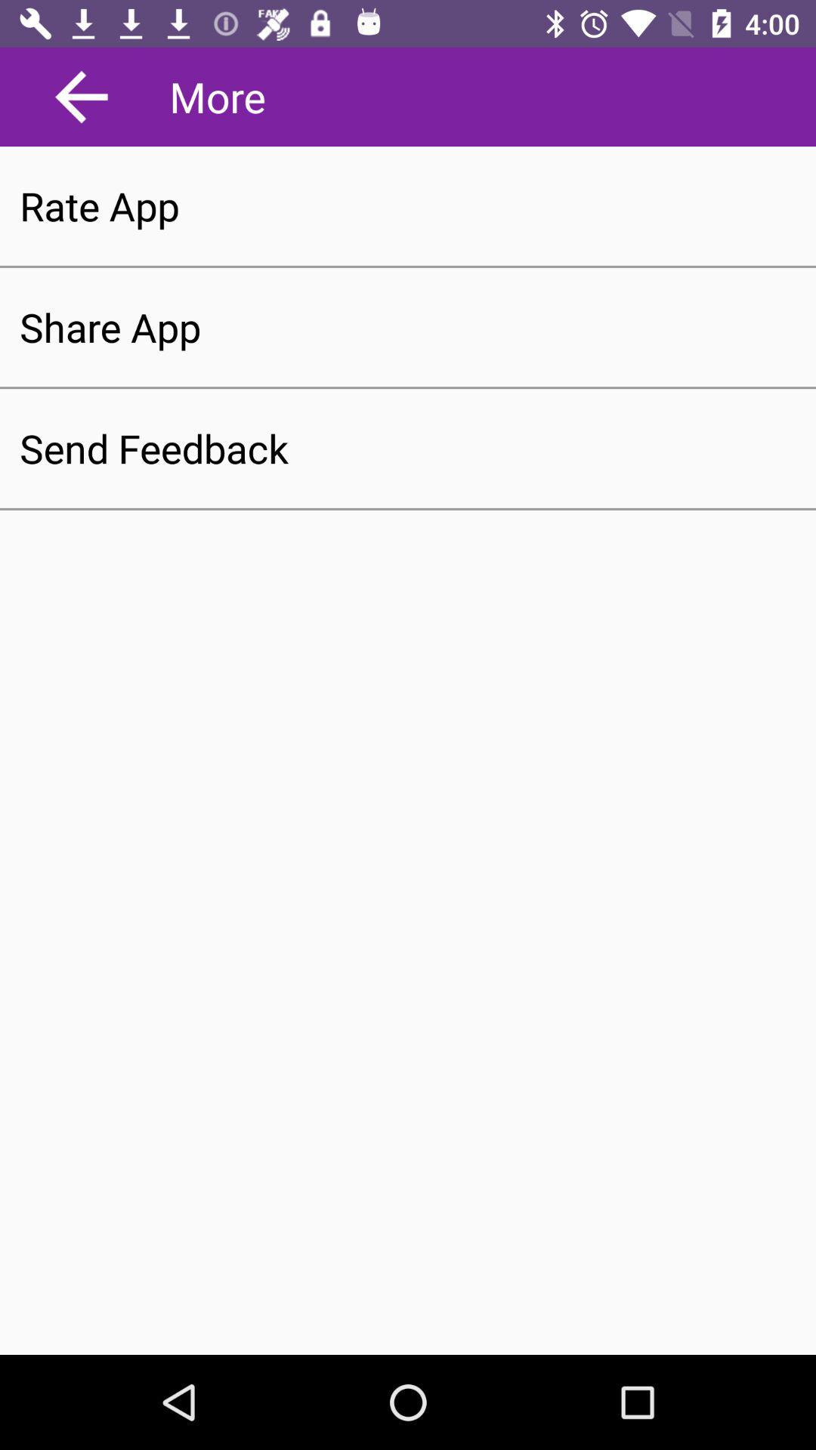 Image resolution: width=816 pixels, height=1450 pixels. I want to click on the rate app item, so click(408, 205).